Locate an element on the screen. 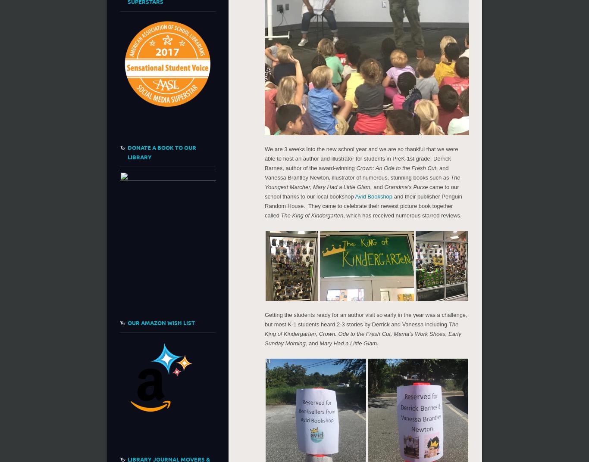 Image resolution: width=589 pixels, height=462 pixels. 'Crown: An Ode to the Fresh Cut' is located at coordinates (396, 167).